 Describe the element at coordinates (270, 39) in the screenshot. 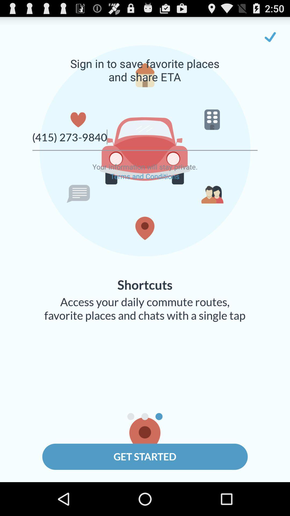

I see `the check icon` at that location.